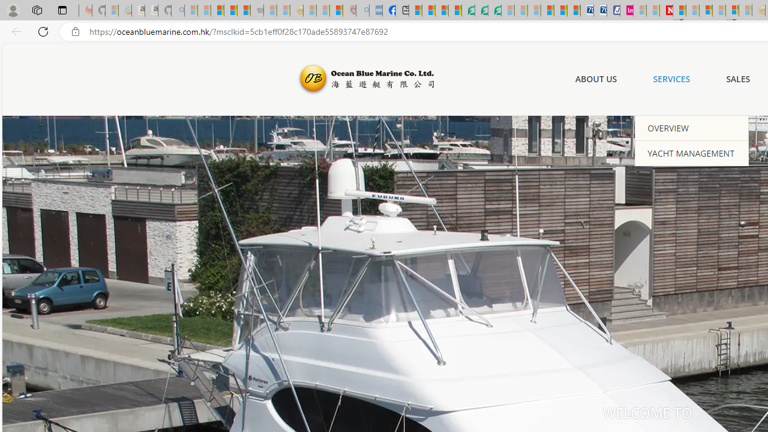 This screenshot has height=432, width=768. Describe the element at coordinates (217, 10) in the screenshot. I see `'The Weather Channel - MSN'` at that location.